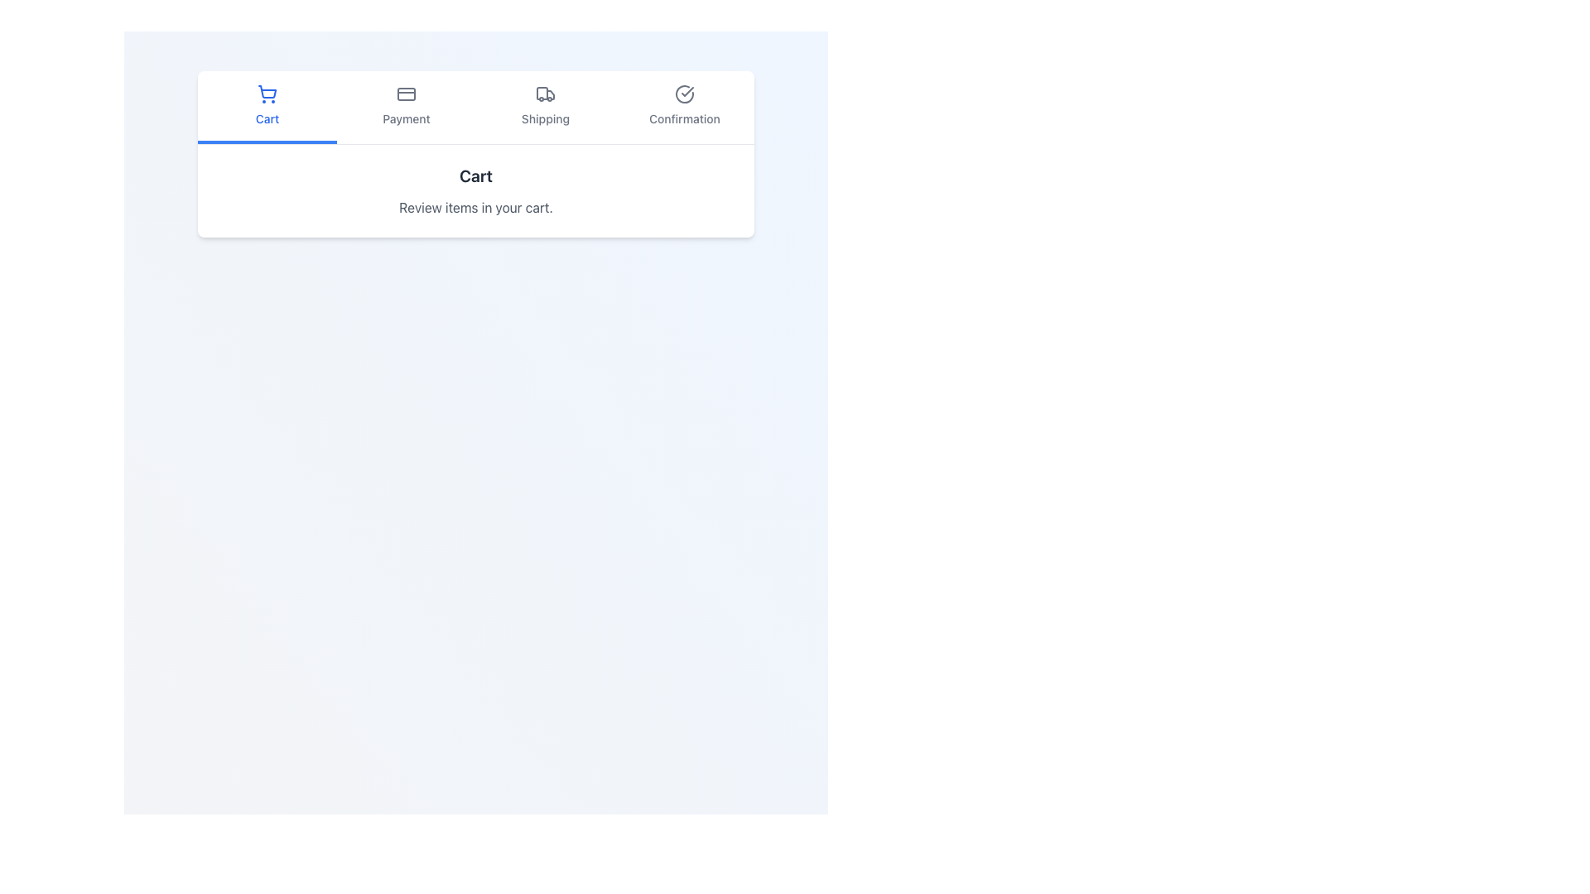 The image size is (1590, 894). What do you see at coordinates (545, 94) in the screenshot?
I see `the truck icon representing the 'Shipping' step in the navigation bar, located between 'Payment' and 'Confirmation'` at bounding box center [545, 94].